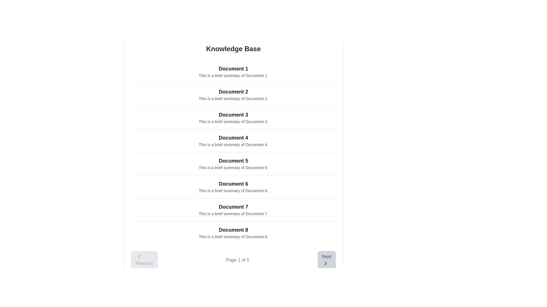 The image size is (547, 307). Describe the element at coordinates (139, 256) in the screenshot. I see `the left-facing chevron icon within the 'Previous' button located at the bottom left of the interface` at that location.